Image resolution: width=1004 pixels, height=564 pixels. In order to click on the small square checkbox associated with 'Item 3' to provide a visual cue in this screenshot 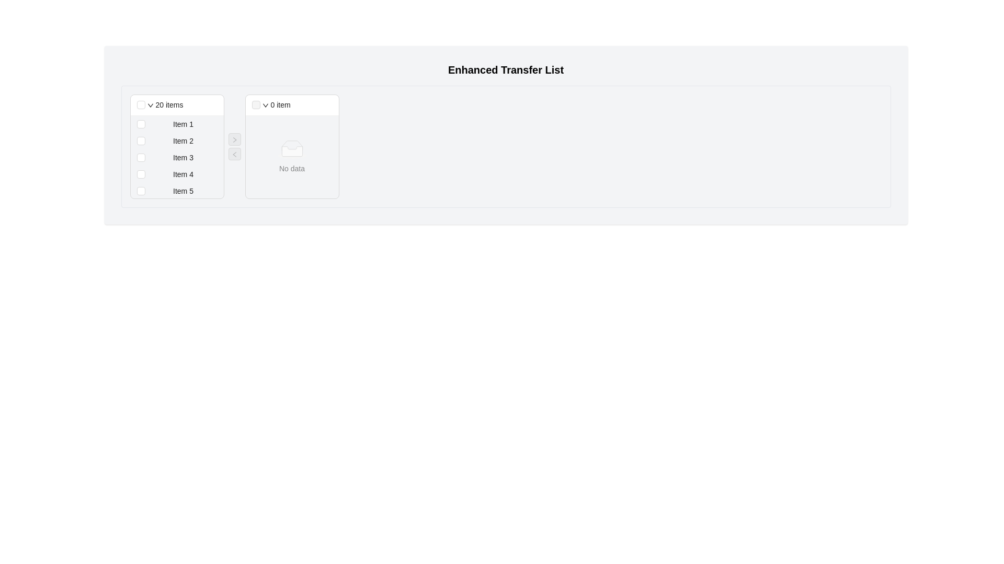, I will do `click(140, 157)`.